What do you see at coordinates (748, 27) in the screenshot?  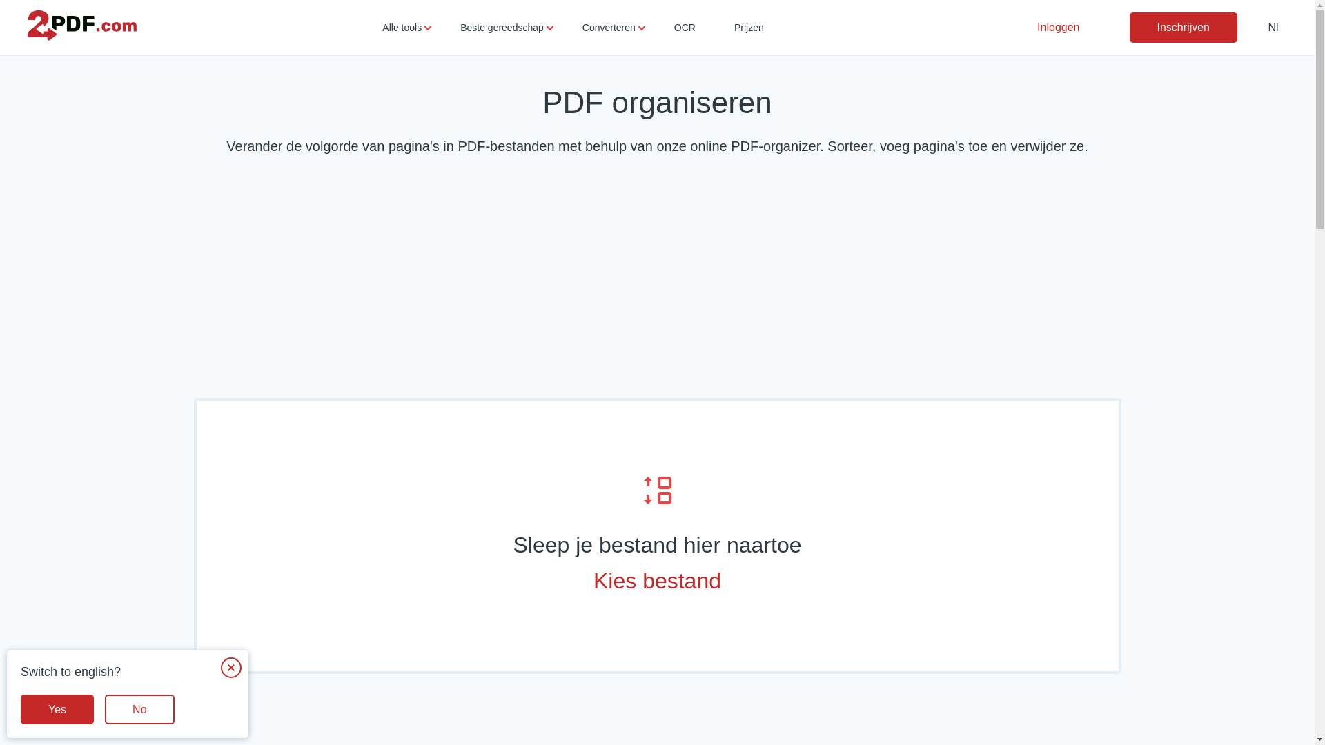 I see `'Prijzen'` at bounding box center [748, 27].